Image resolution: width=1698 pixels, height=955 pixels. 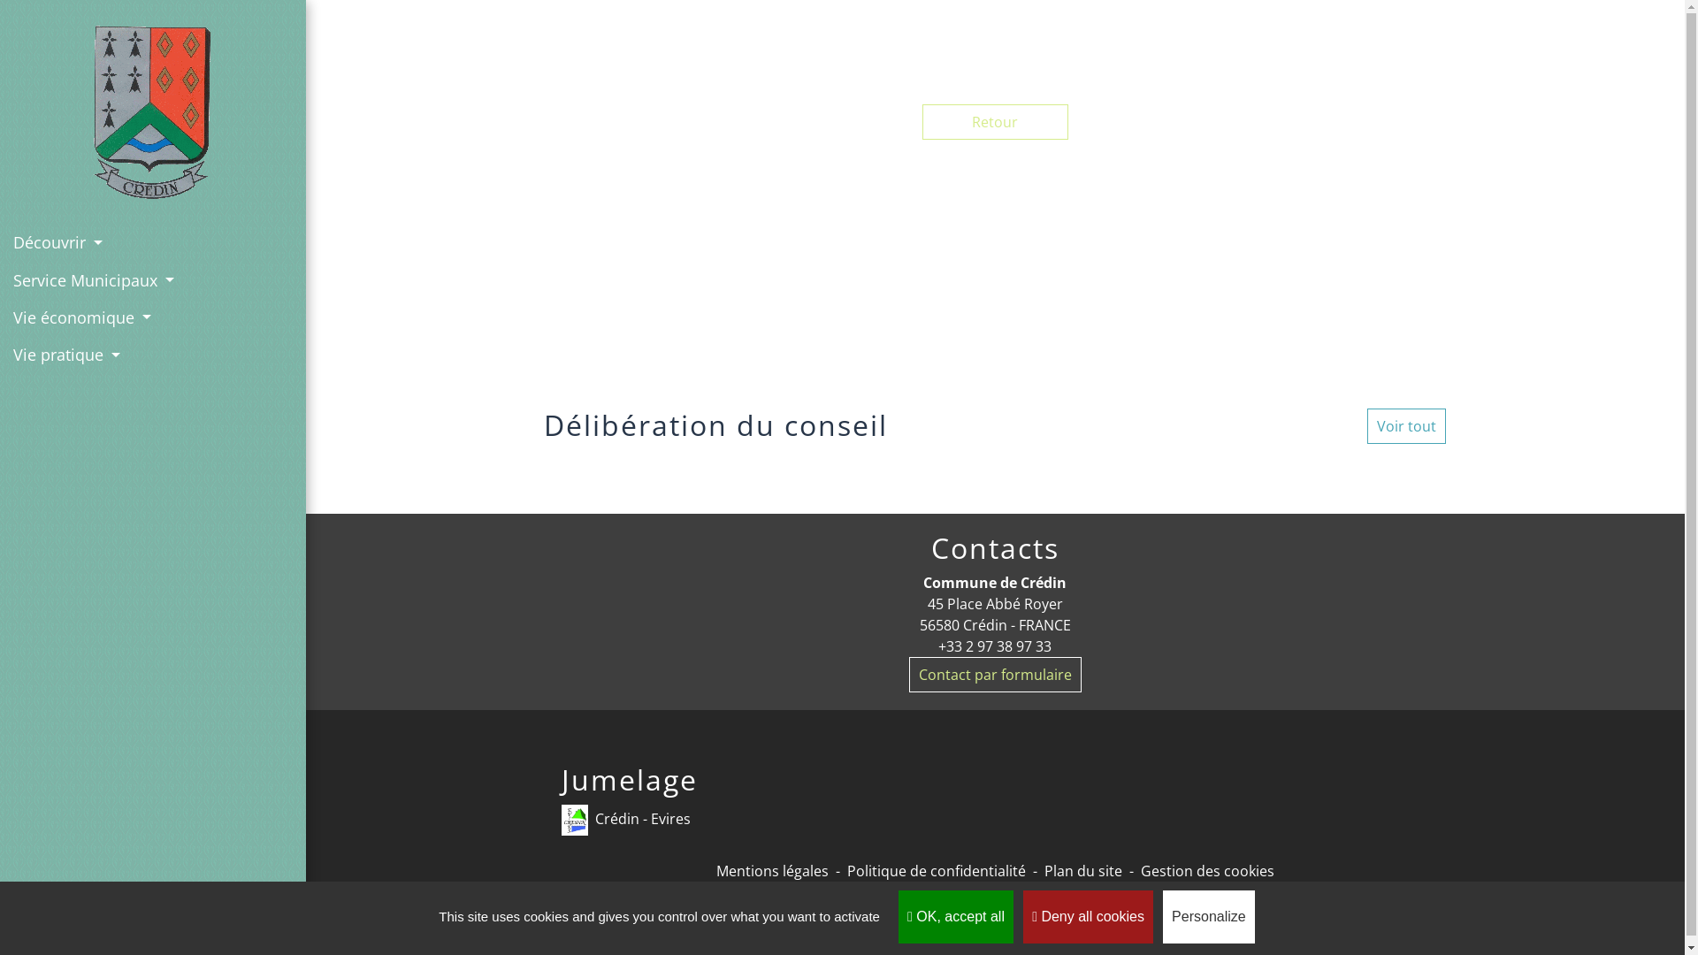 What do you see at coordinates (1208, 916) in the screenshot?
I see `'Personalize'` at bounding box center [1208, 916].